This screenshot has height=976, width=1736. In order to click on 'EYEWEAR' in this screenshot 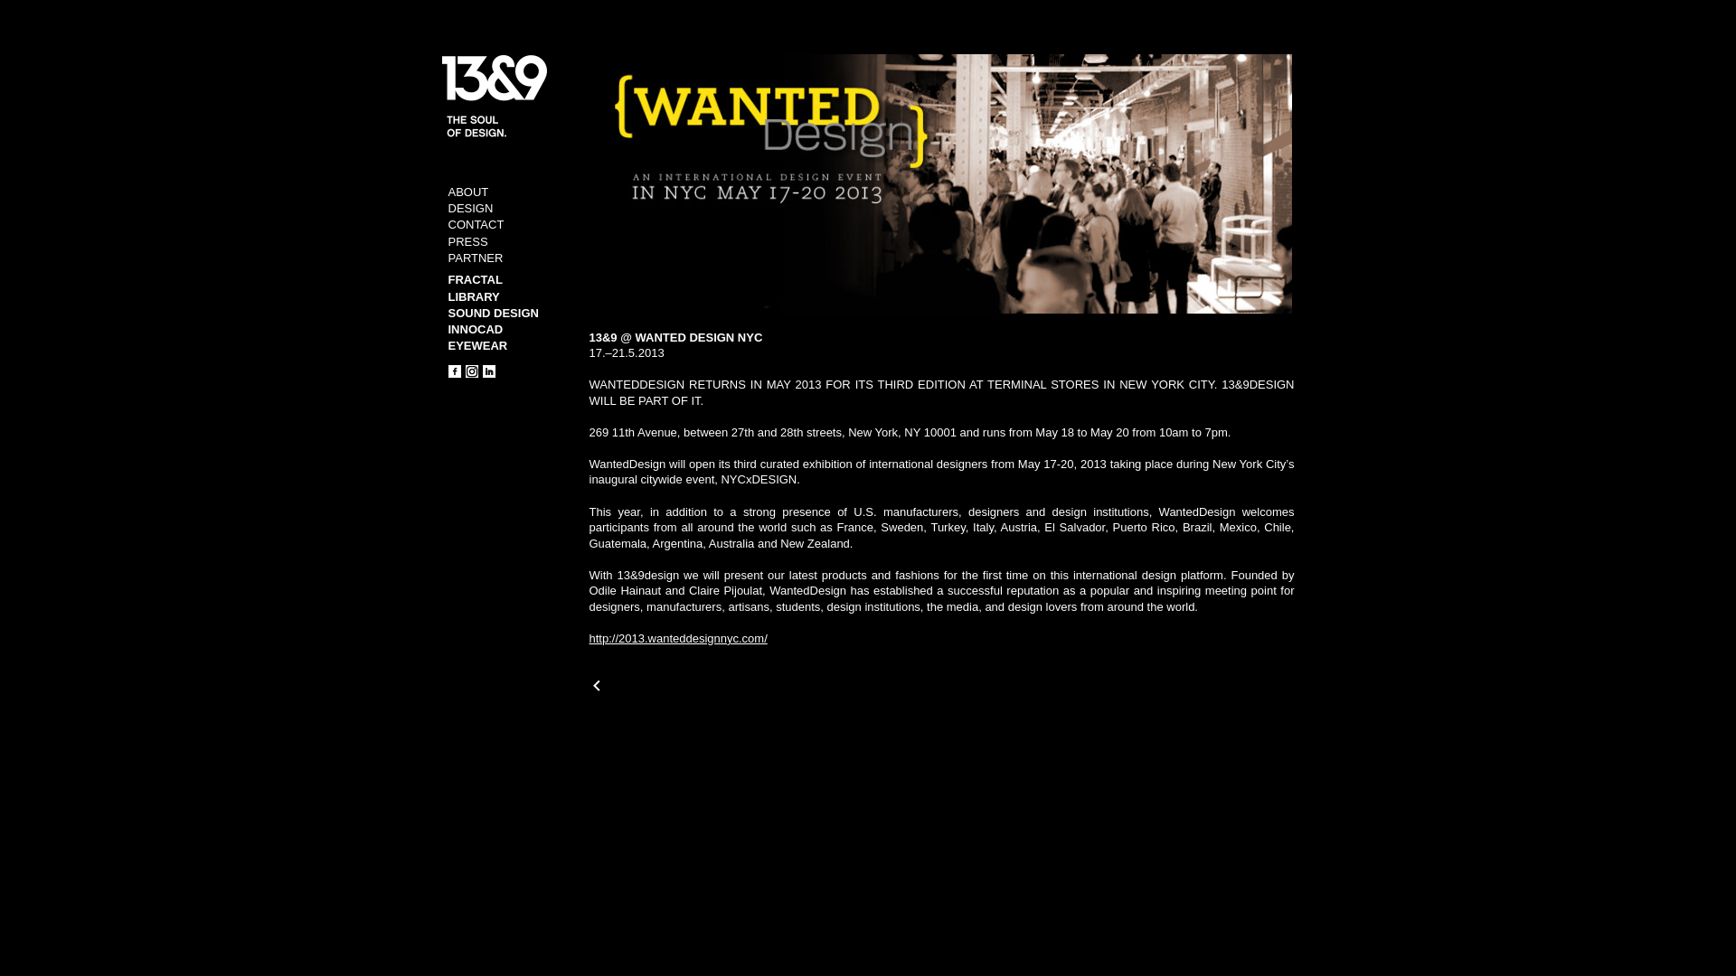, I will do `click(477, 345)`.